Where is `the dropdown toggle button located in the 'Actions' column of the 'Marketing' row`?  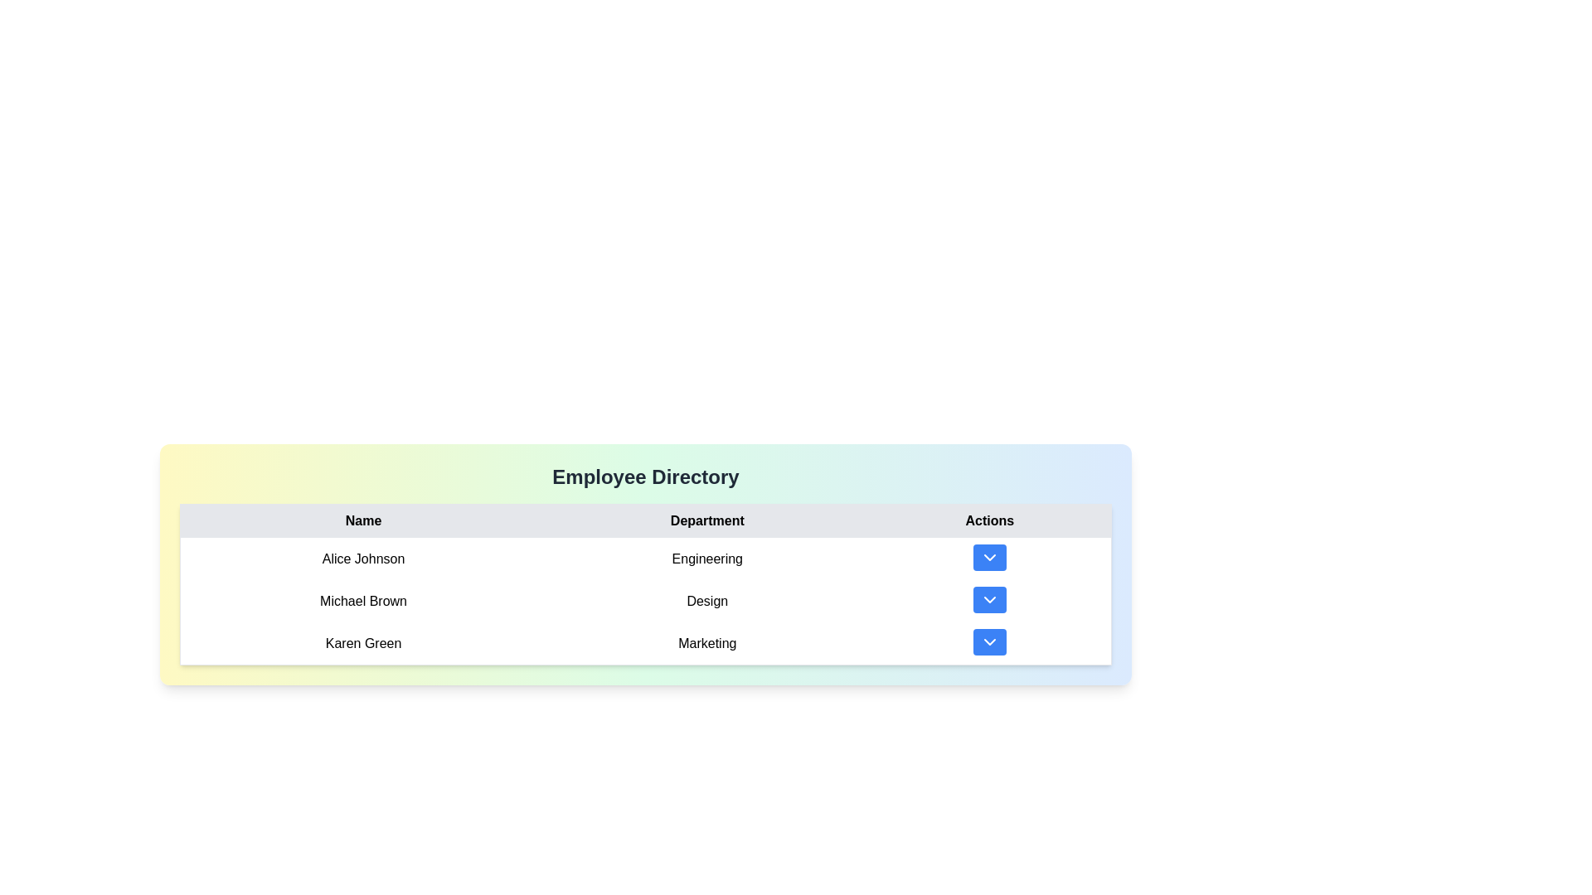 the dropdown toggle button located in the 'Actions' column of the 'Marketing' row is located at coordinates (989, 641).